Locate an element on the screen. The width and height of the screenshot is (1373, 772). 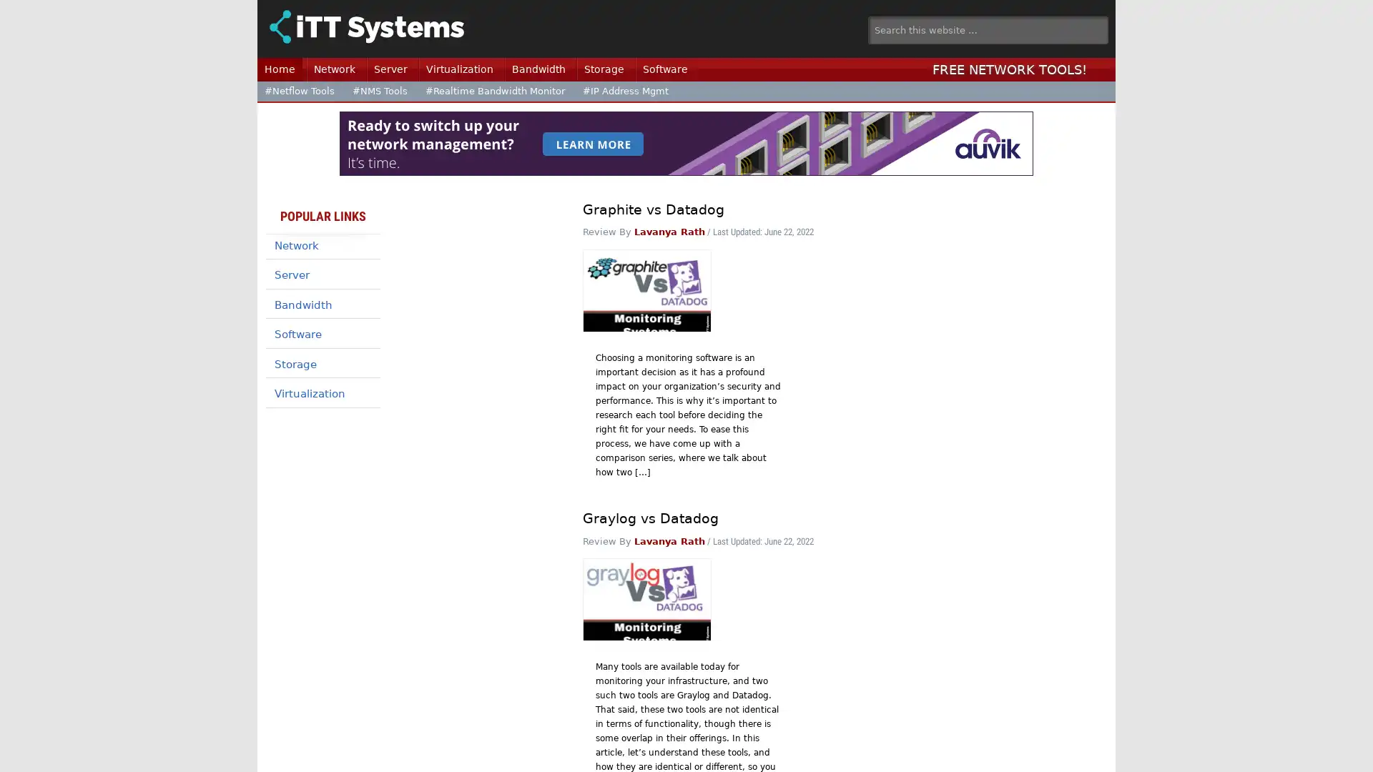
Search is located at coordinates (1116, 24).